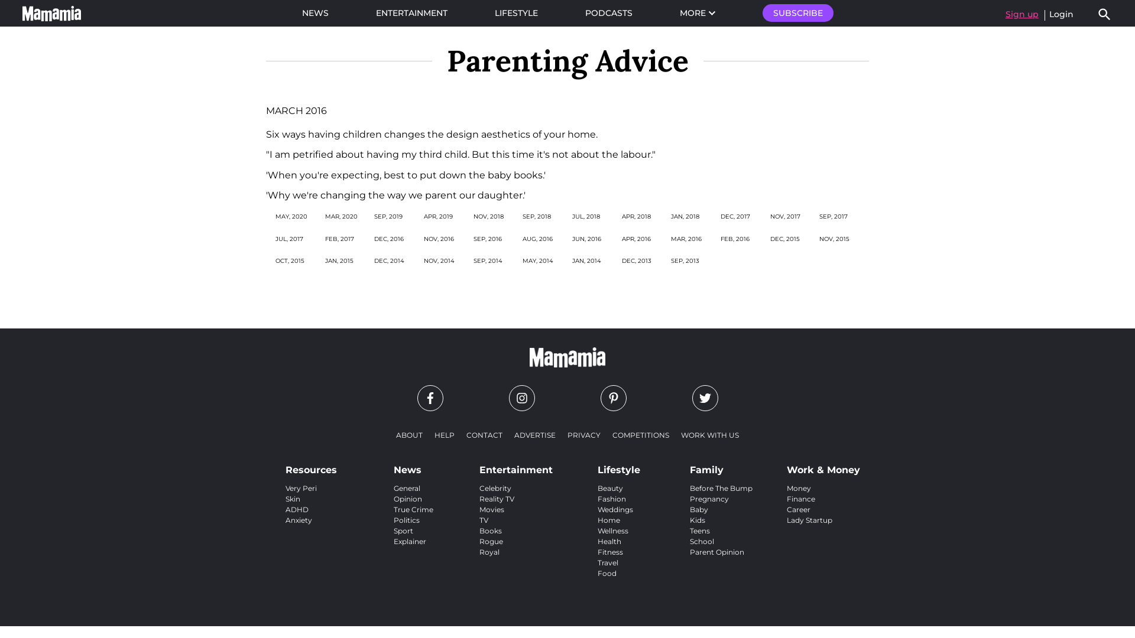 The width and height of the screenshot is (1135, 638). Describe the element at coordinates (608, 562) in the screenshot. I see `'Travel'` at that location.